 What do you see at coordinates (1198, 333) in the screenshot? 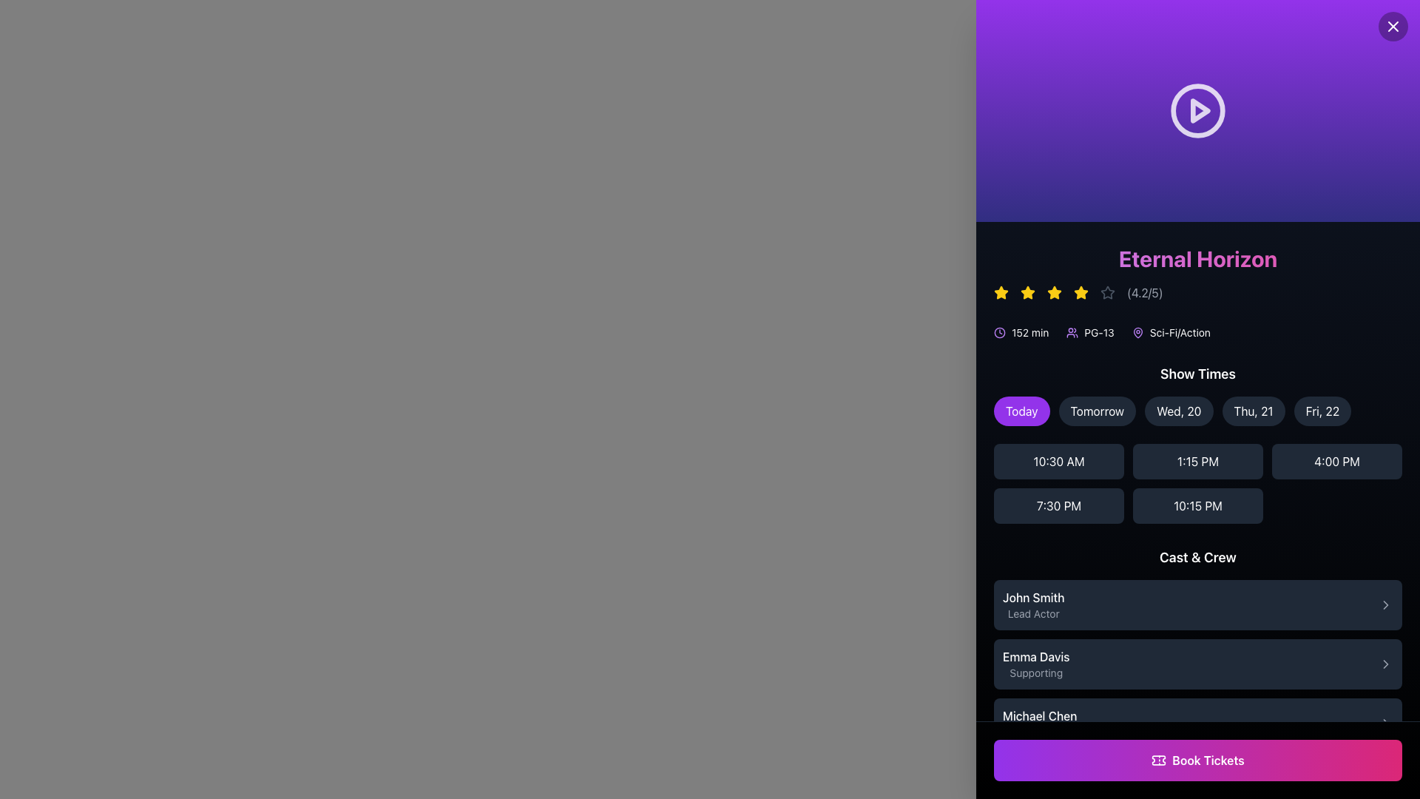
I see `textual information display that provides details about the movie 'Eternal Horizon', including its duration, rating, and genre, which is located below the title and rating information and above the 'Show Times' section` at bounding box center [1198, 333].